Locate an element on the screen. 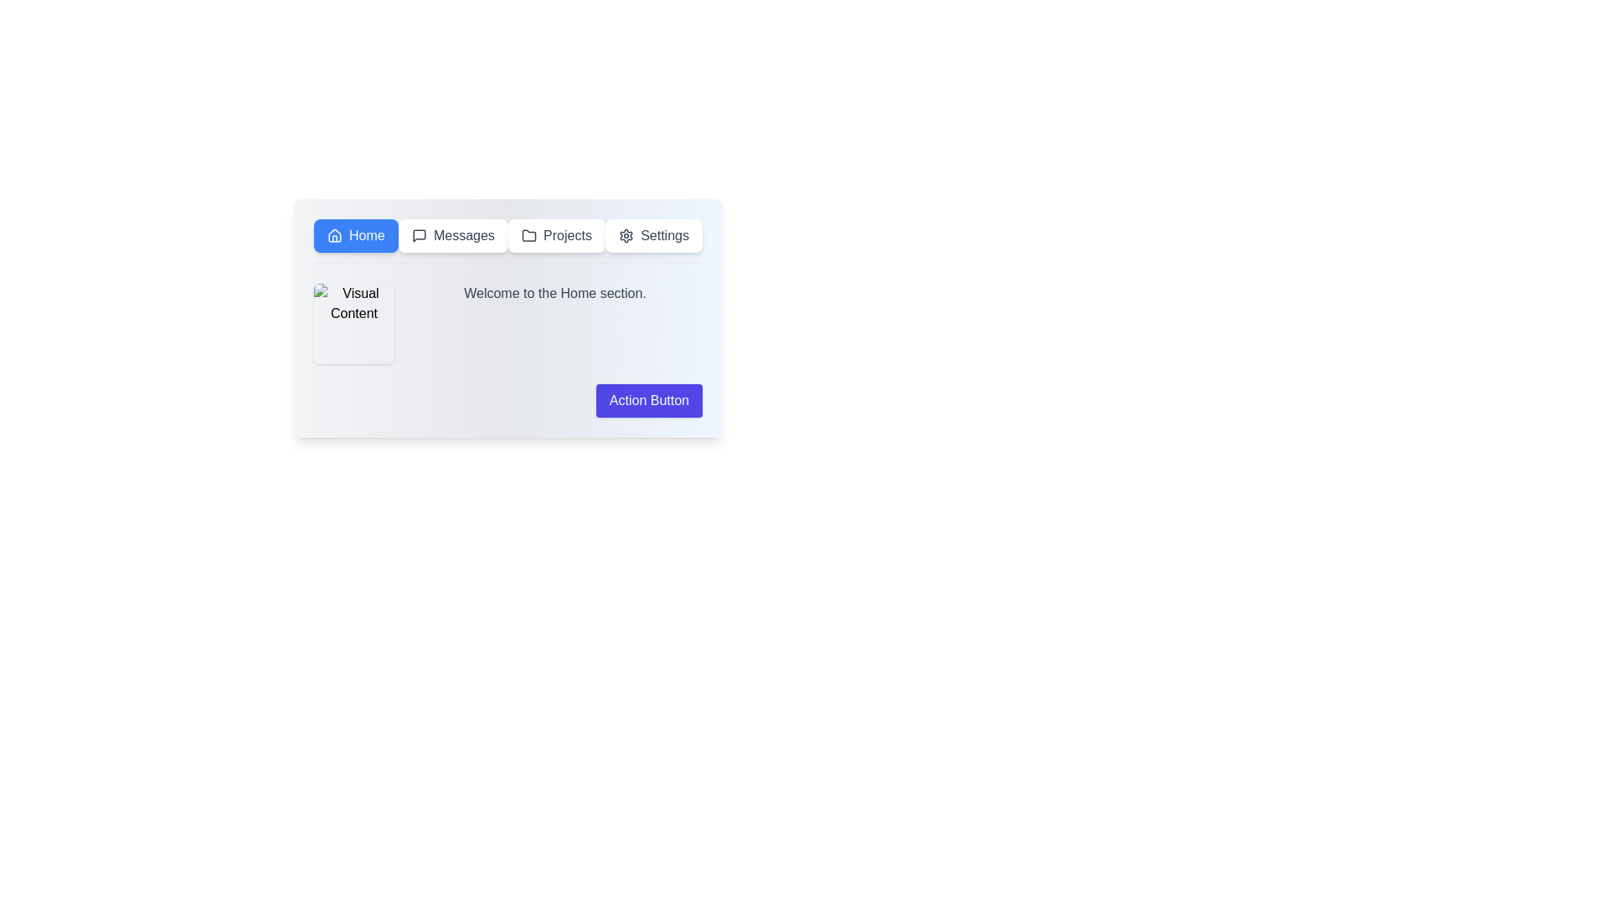  the 'Home' button located at the top left of the interface, which has a blue background and white text with a house icon is located at coordinates (355, 235).